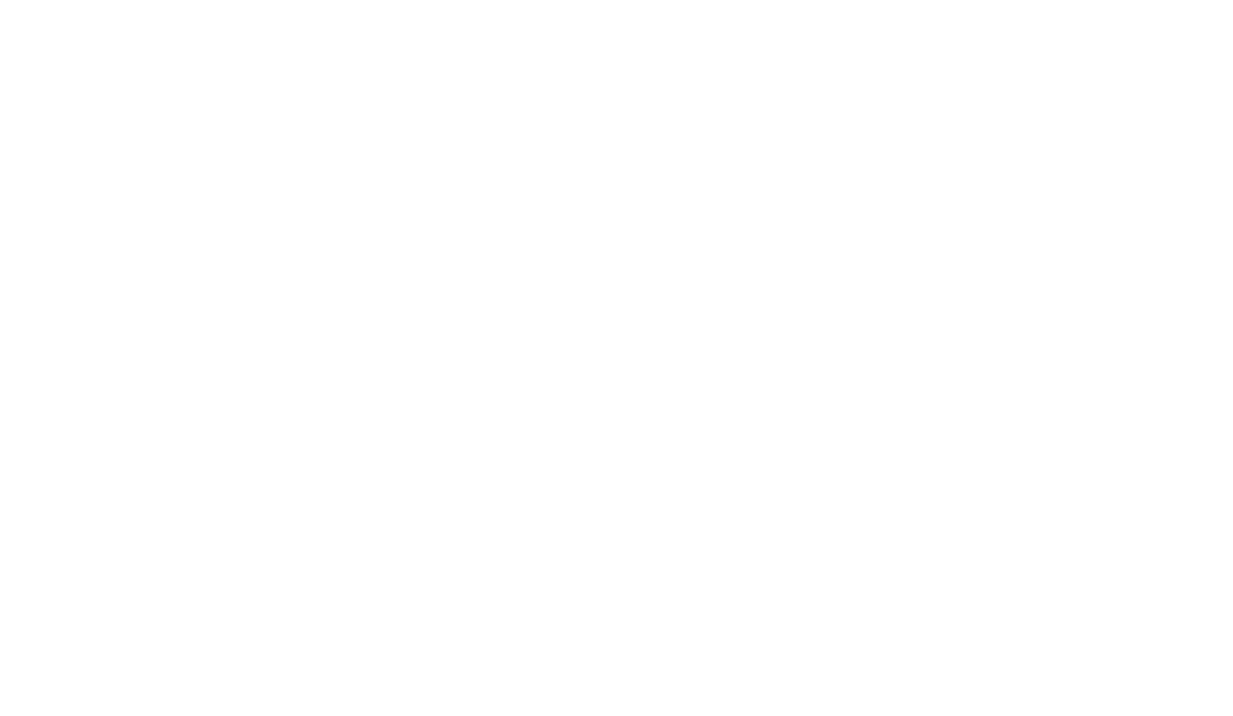 Image resolution: width=1233 pixels, height=716 pixels. Describe the element at coordinates (295, 429) in the screenshot. I see `'Porto'` at that location.